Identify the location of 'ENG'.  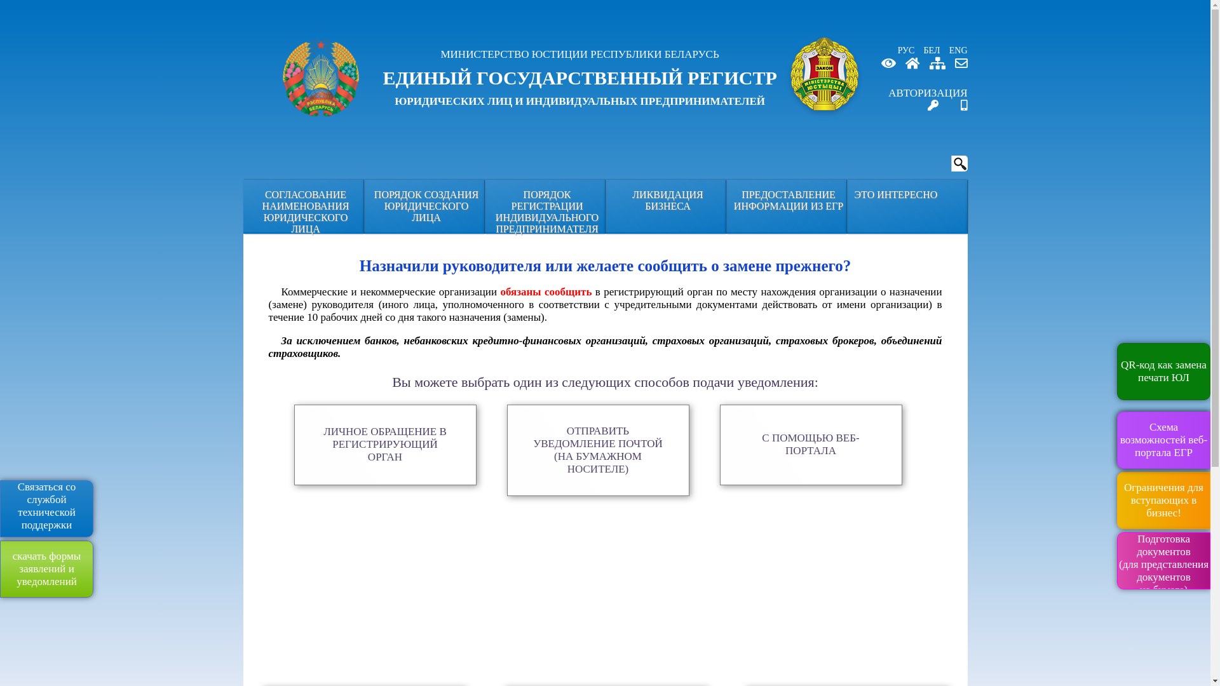
(955, 50).